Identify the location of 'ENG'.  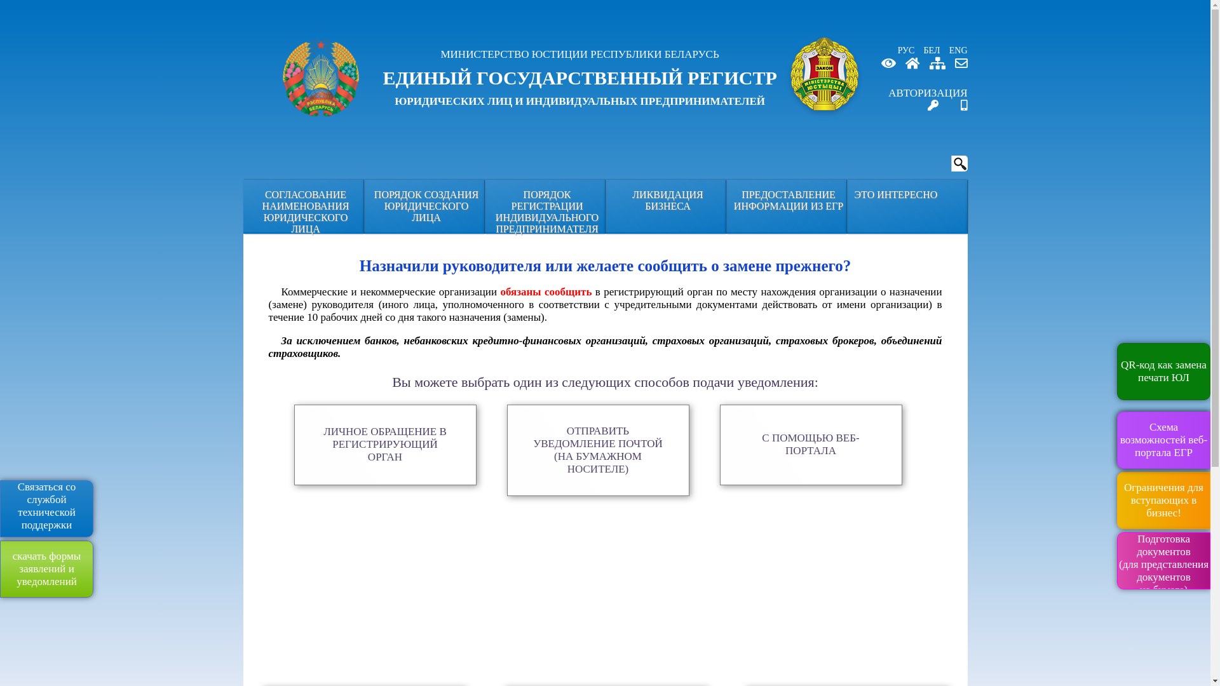
(955, 50).